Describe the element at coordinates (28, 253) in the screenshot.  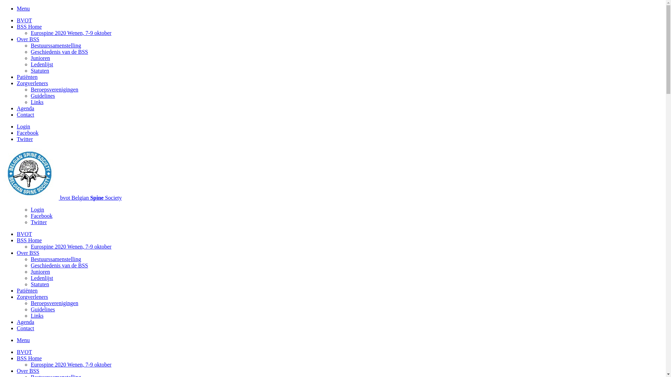
I see `'Over BSS'` at that location.